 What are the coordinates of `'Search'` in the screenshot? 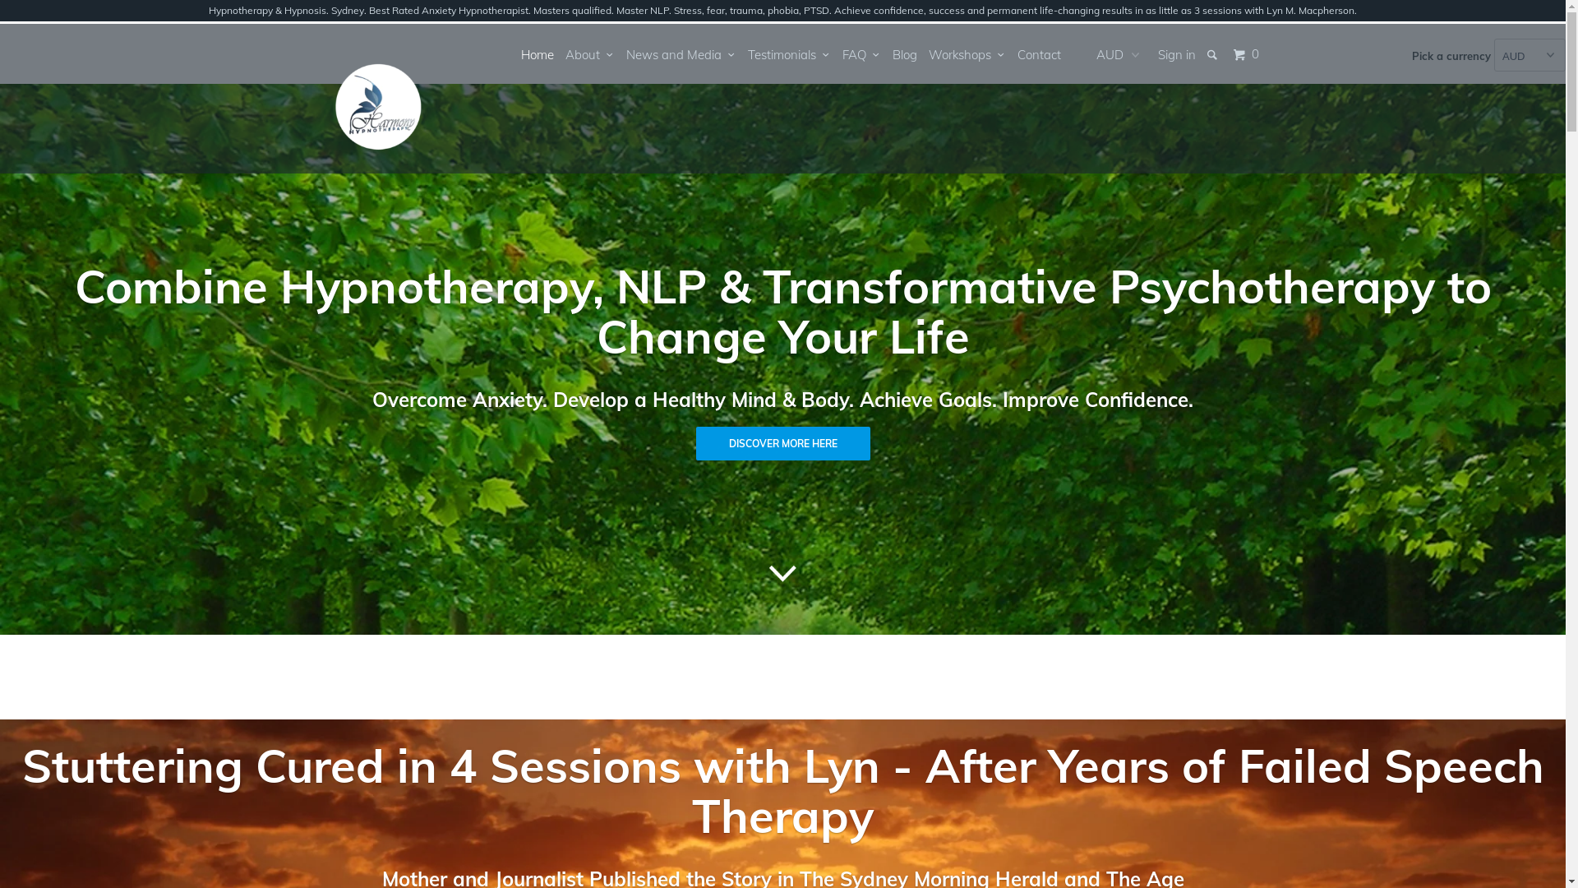 It's located at (1212, 53).